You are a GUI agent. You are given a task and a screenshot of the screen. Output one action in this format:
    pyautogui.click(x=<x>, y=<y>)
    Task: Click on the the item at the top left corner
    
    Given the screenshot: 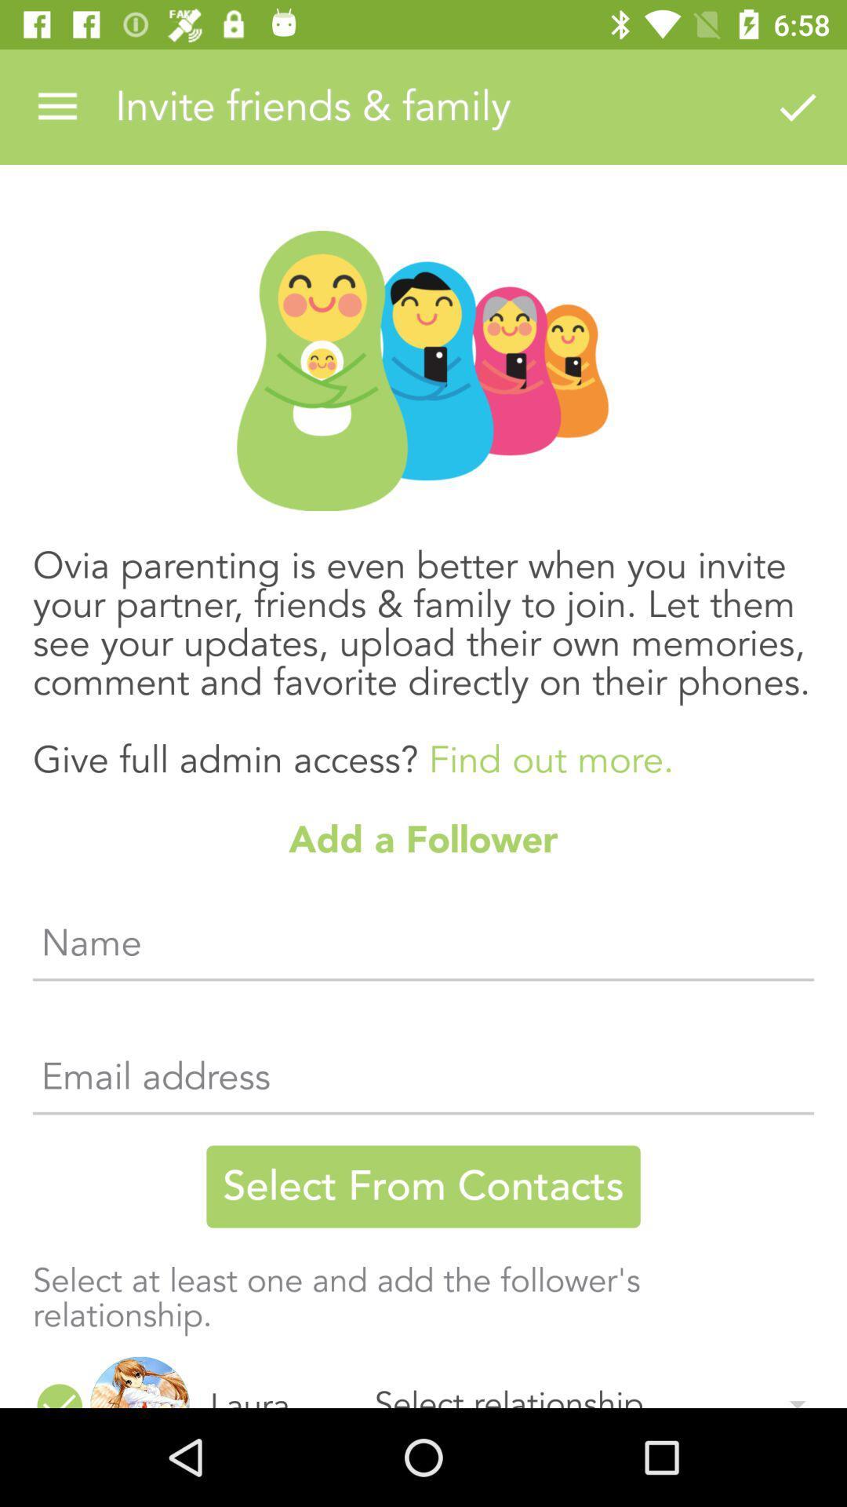 What is the action you would take?
    pyautogui.click(x=56, y=106)
    